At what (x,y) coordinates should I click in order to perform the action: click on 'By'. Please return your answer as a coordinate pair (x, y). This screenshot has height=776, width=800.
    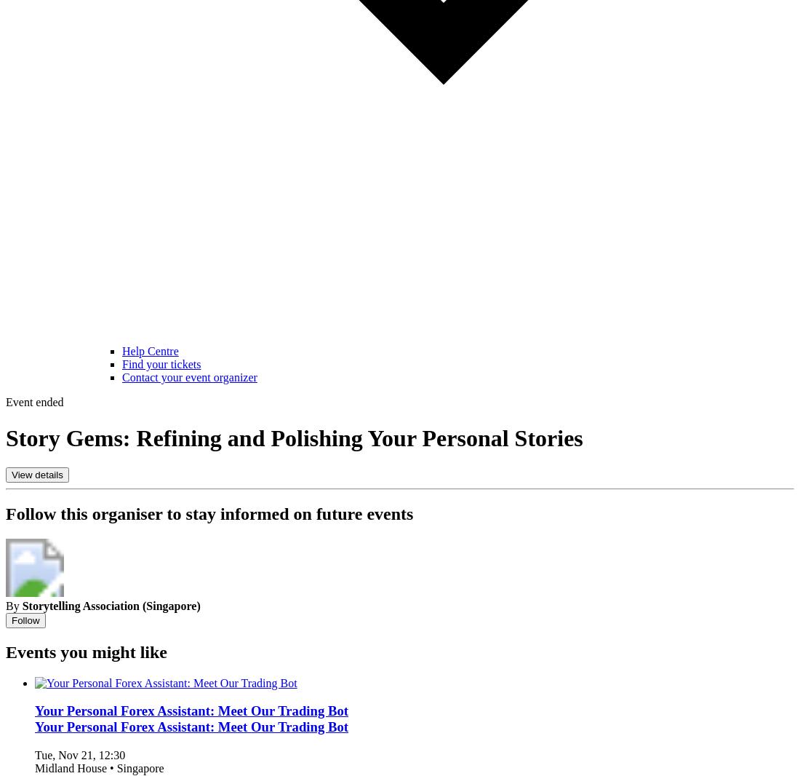
    Looking at the image, I should click on (12, 605).